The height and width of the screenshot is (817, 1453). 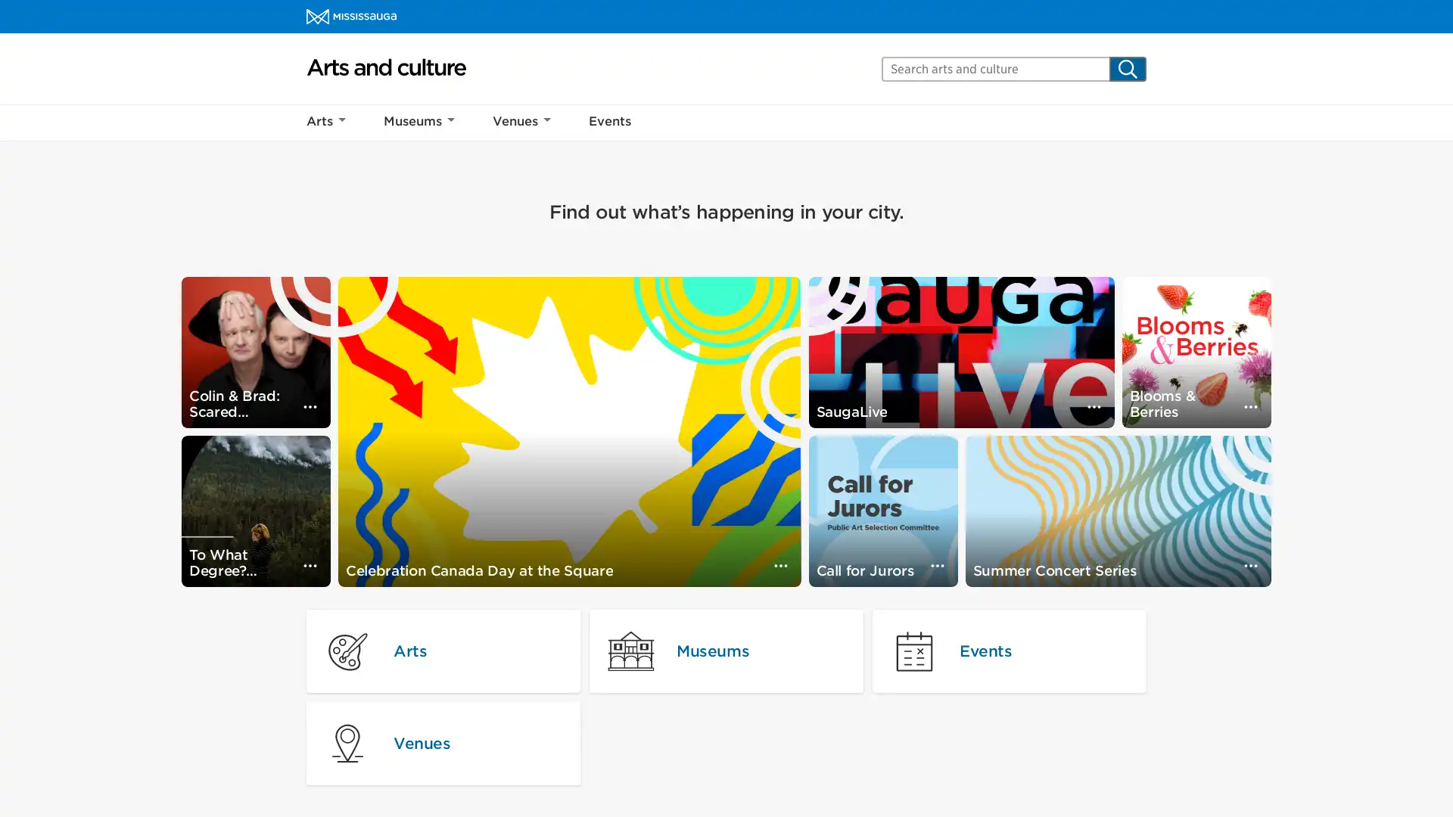 I want to click on Visually show the card details, so click(x=1093, y=405).